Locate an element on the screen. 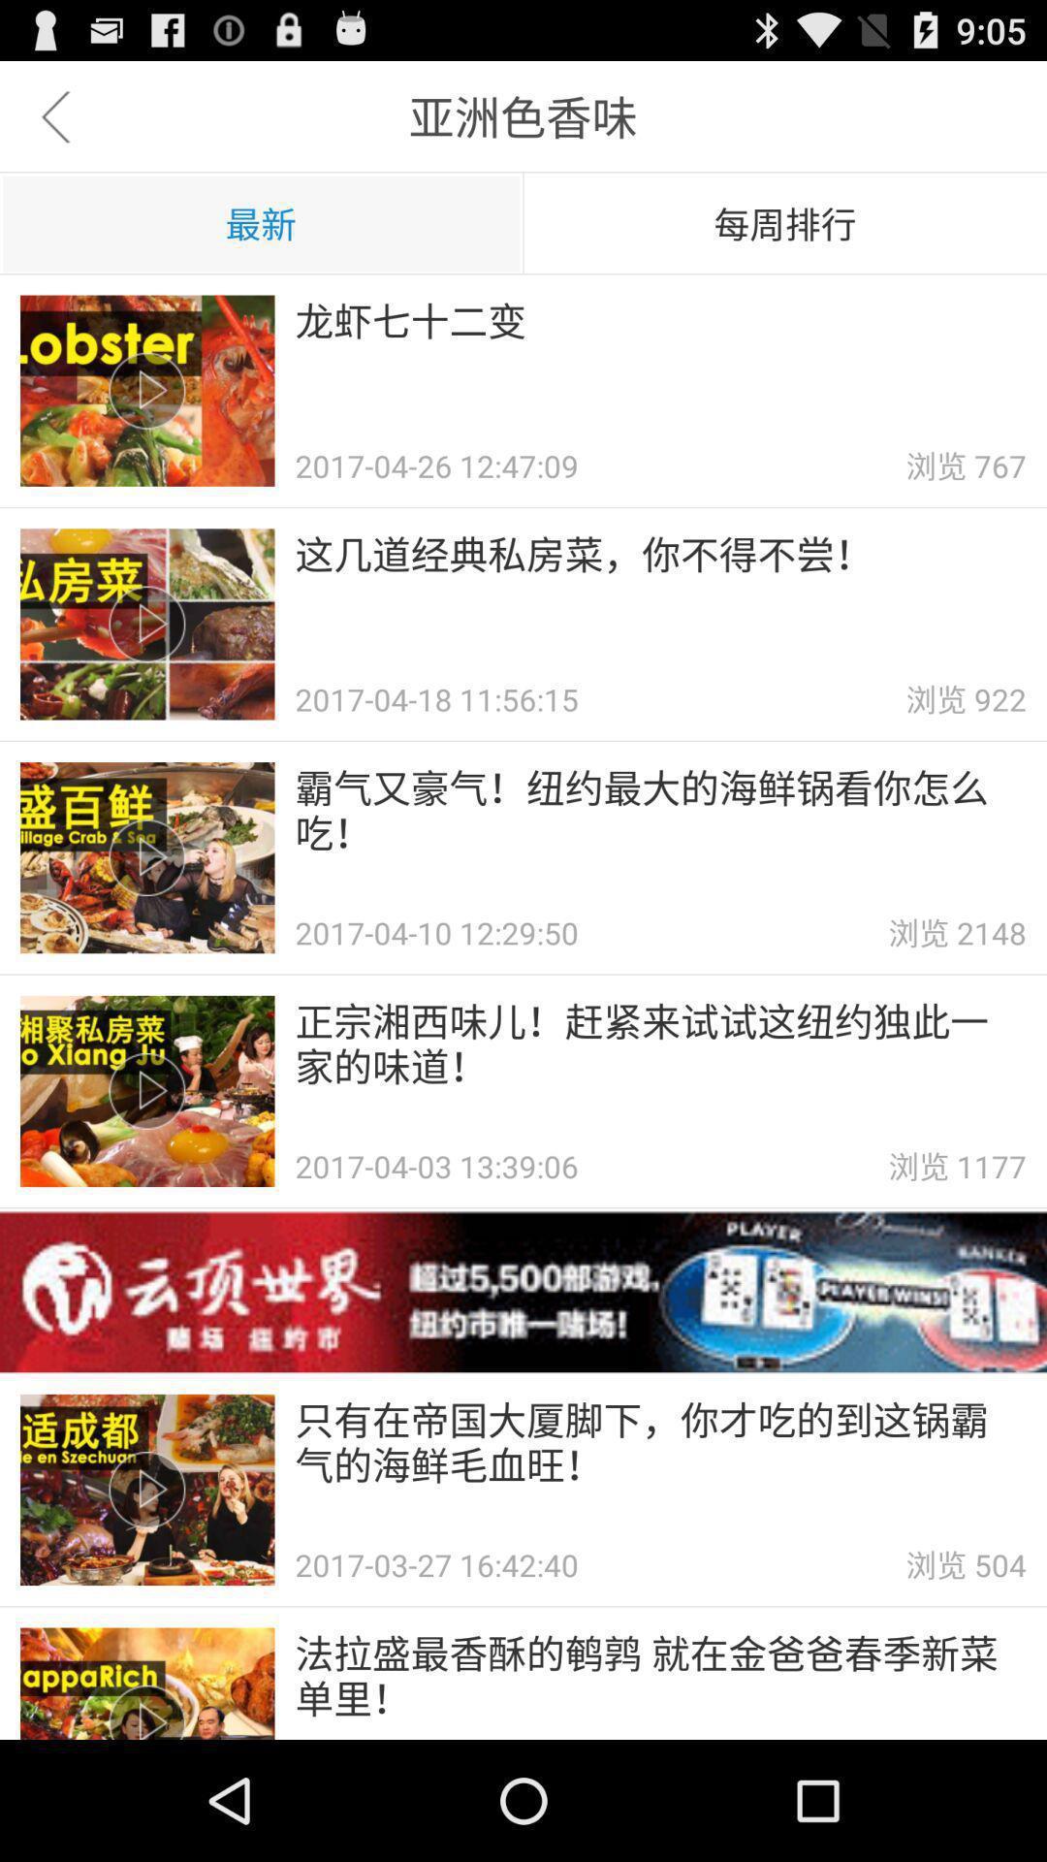  the arrow_backward icon is located at coordinates (54, 124).